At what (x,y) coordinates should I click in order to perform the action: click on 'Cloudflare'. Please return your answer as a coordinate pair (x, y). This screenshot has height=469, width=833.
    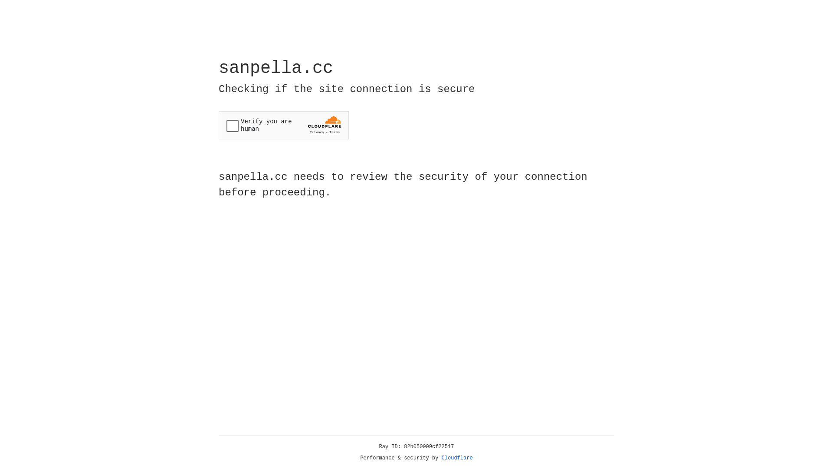
    Looking at the image, I should click on (457, 458).